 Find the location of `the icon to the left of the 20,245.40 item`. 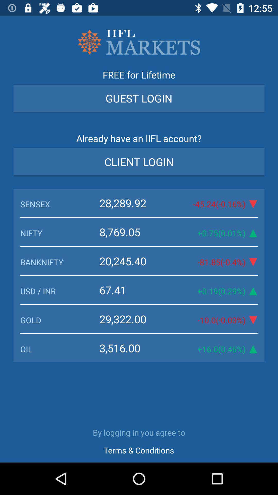

the icon to the left of the 20,245.40 item is located at coordinates (59, 262).